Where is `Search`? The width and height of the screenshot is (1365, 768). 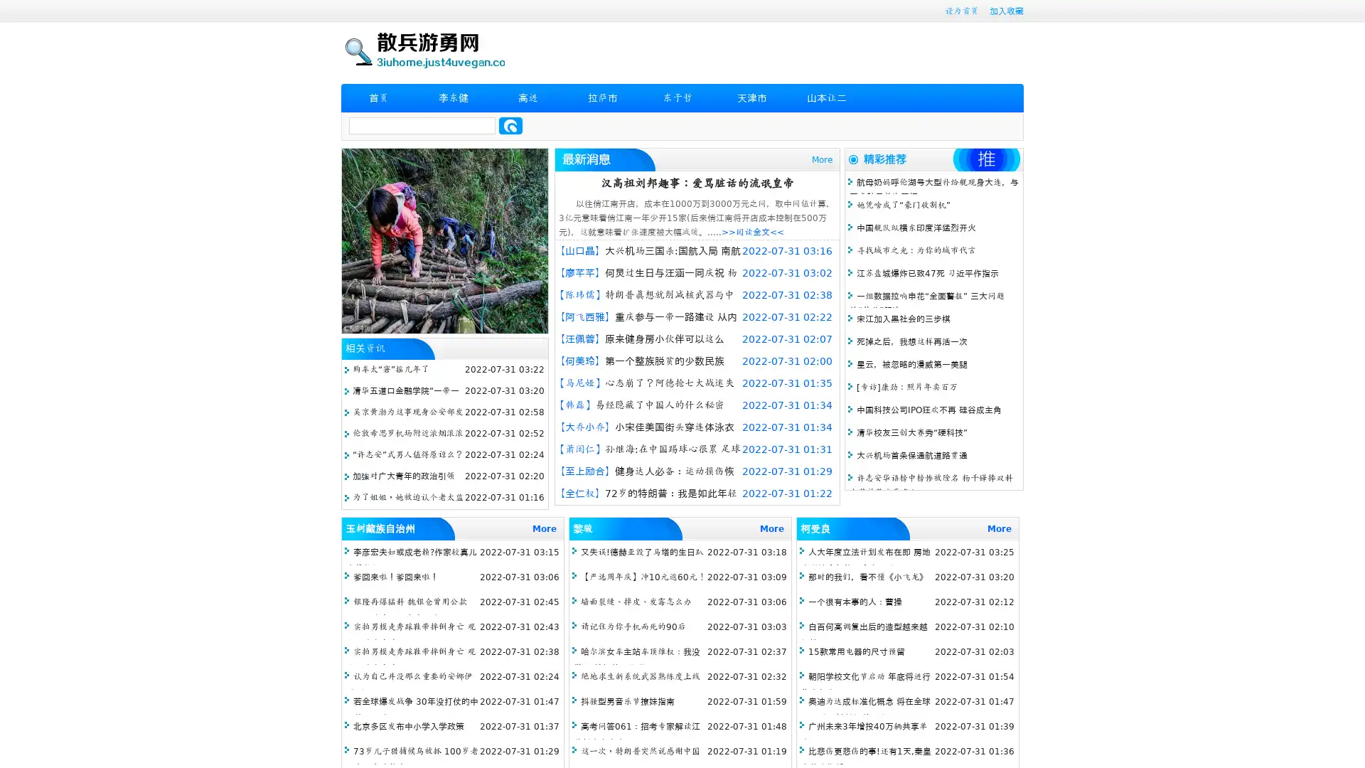 Search is located at coordinates (510, 125).